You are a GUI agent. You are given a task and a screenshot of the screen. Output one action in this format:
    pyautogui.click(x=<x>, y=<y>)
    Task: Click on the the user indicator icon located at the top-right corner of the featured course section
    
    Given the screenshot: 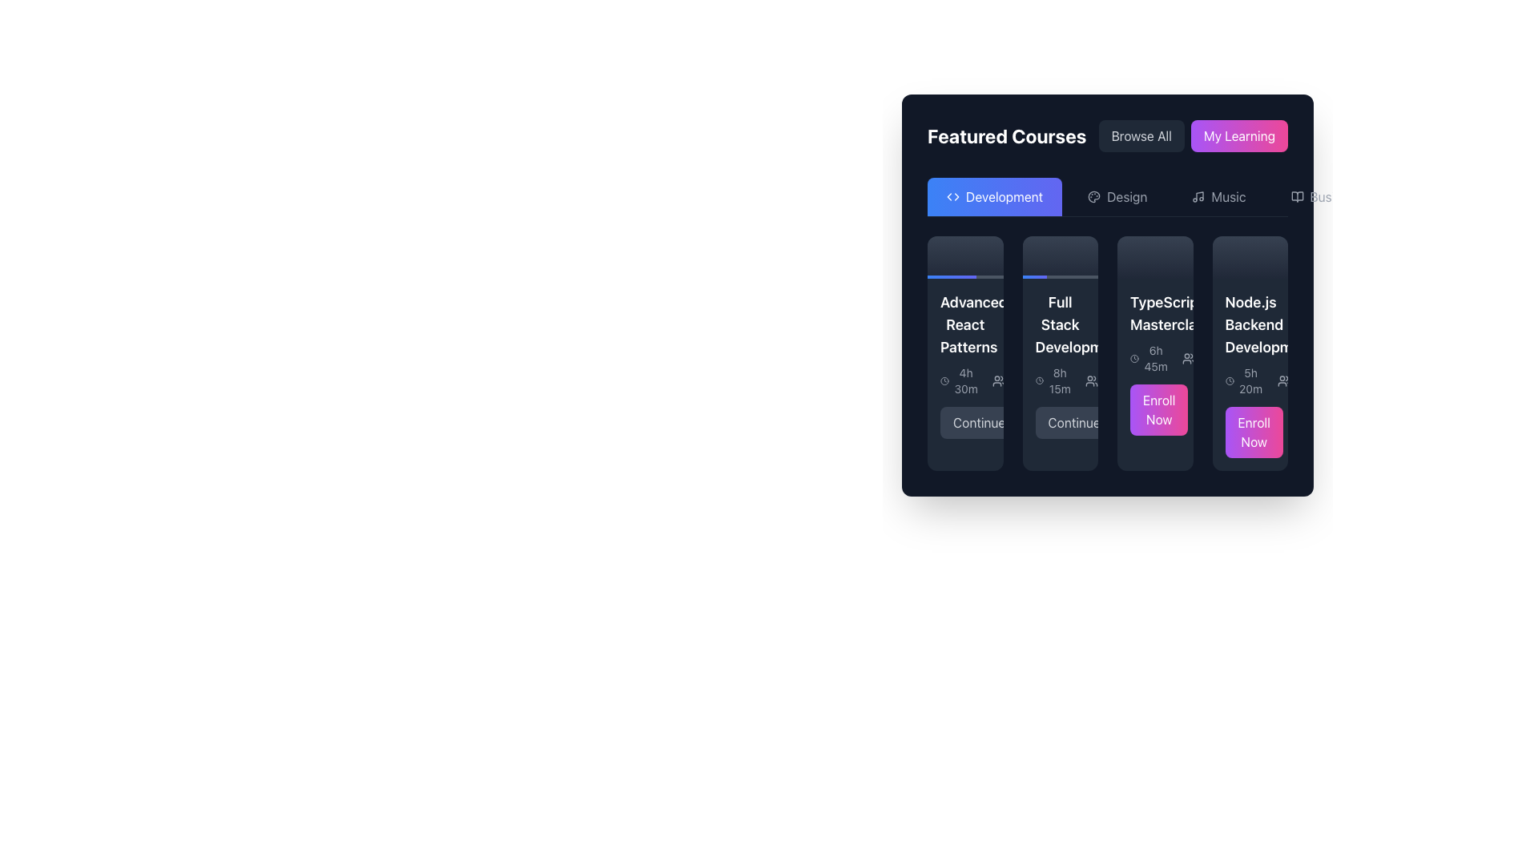 What is the action you would take?
    pyautogui.click(x=1189, y=358)
    